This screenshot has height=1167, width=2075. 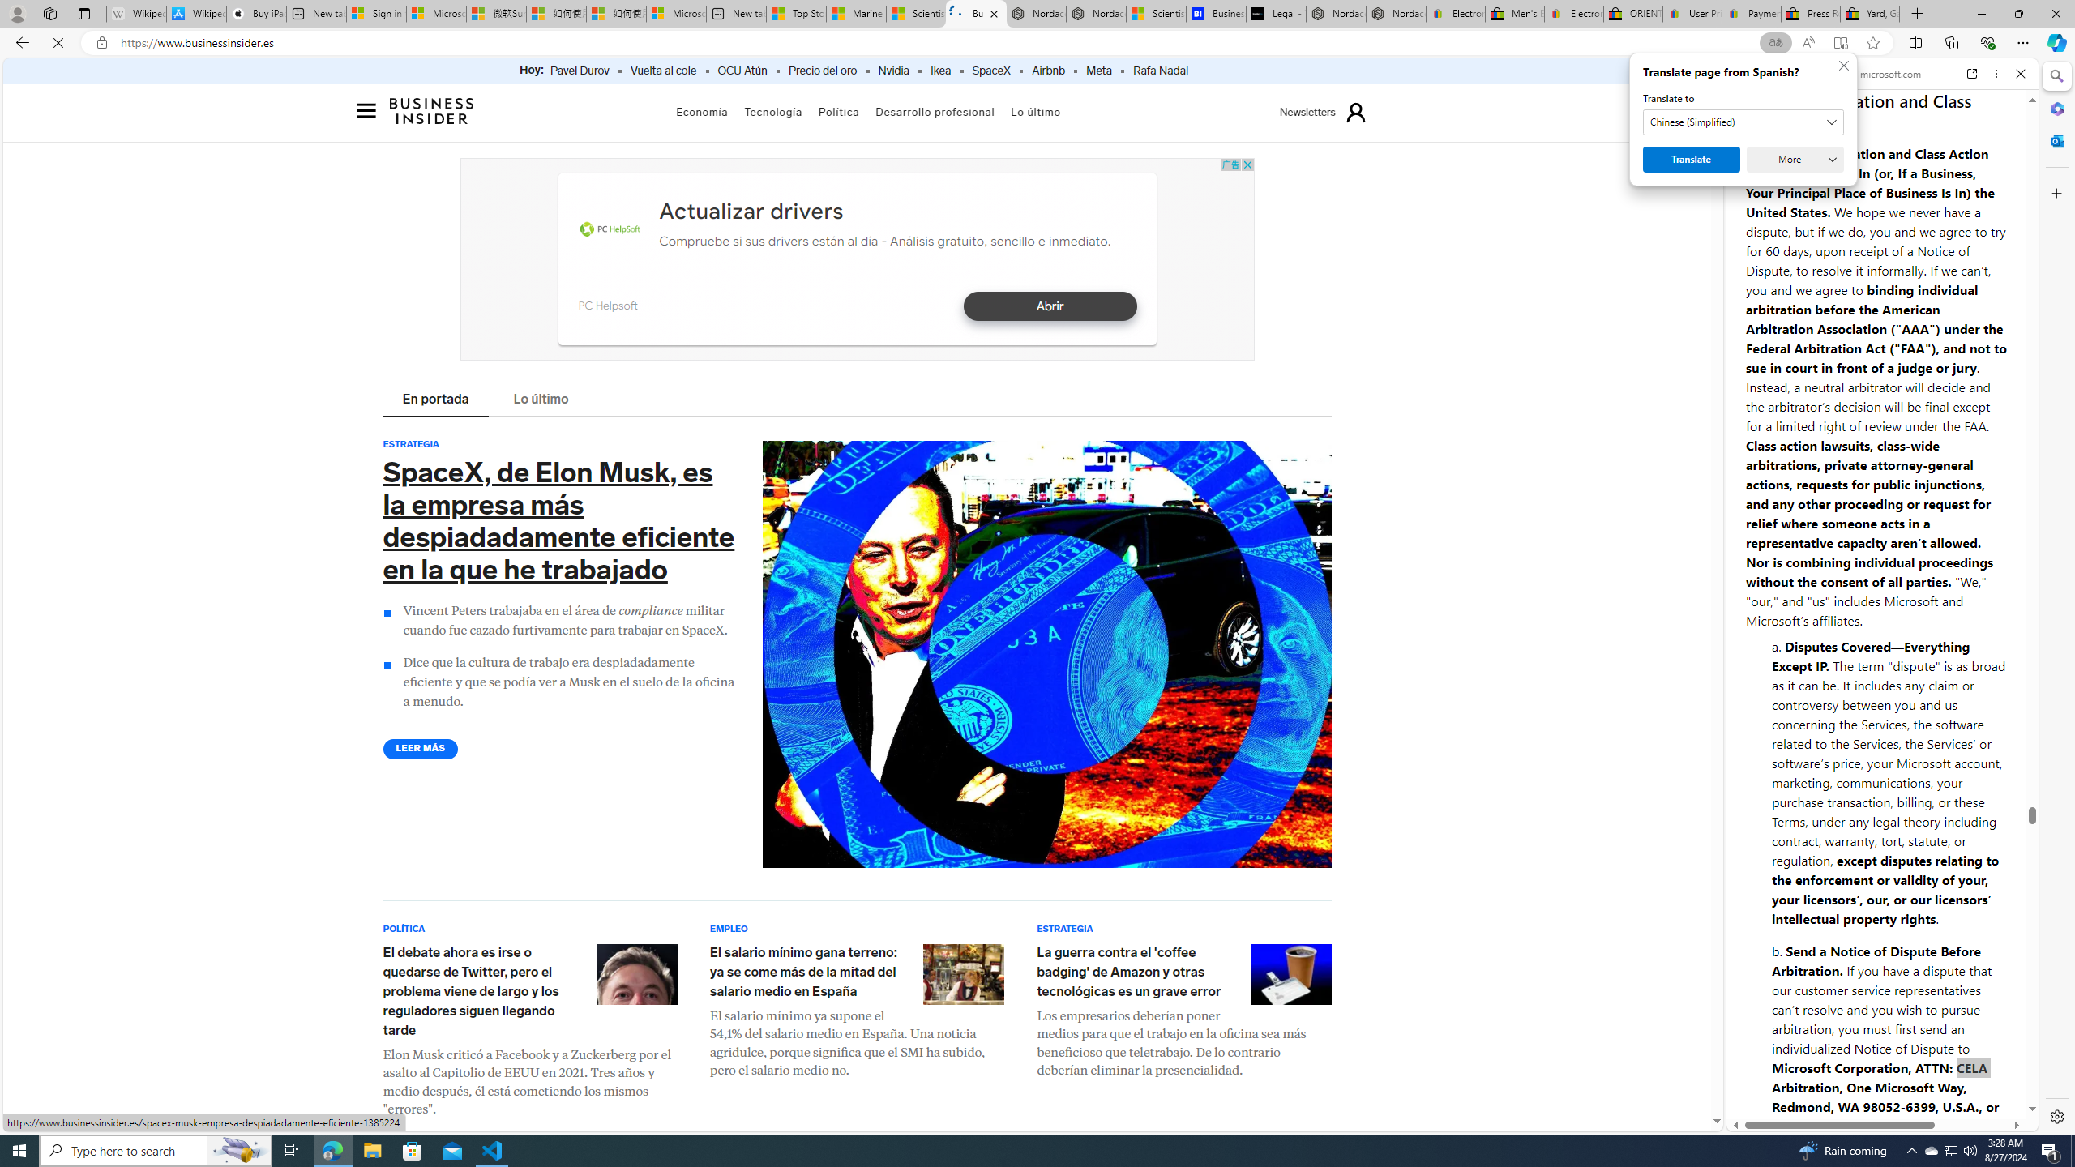 I want to click on 'Nvidia', so click(x=892, y=71).